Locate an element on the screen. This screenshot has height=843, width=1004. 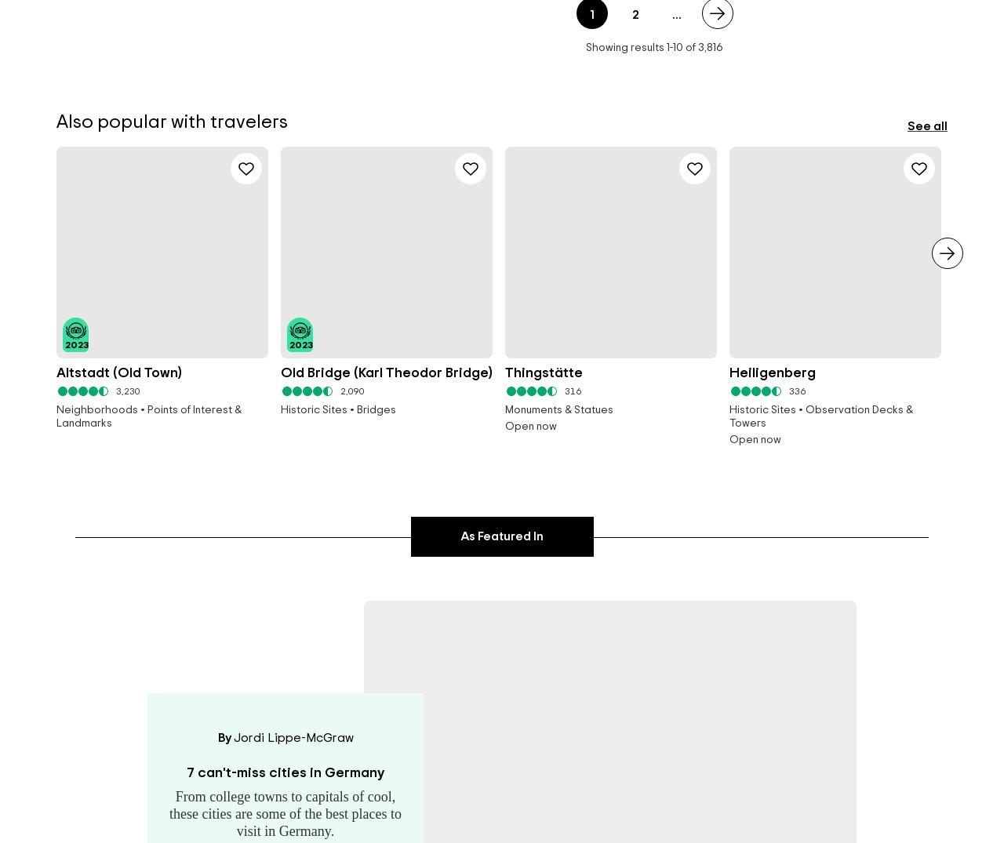
'Jordi Lippe-McGraw' is located at coordinates (231, 737).